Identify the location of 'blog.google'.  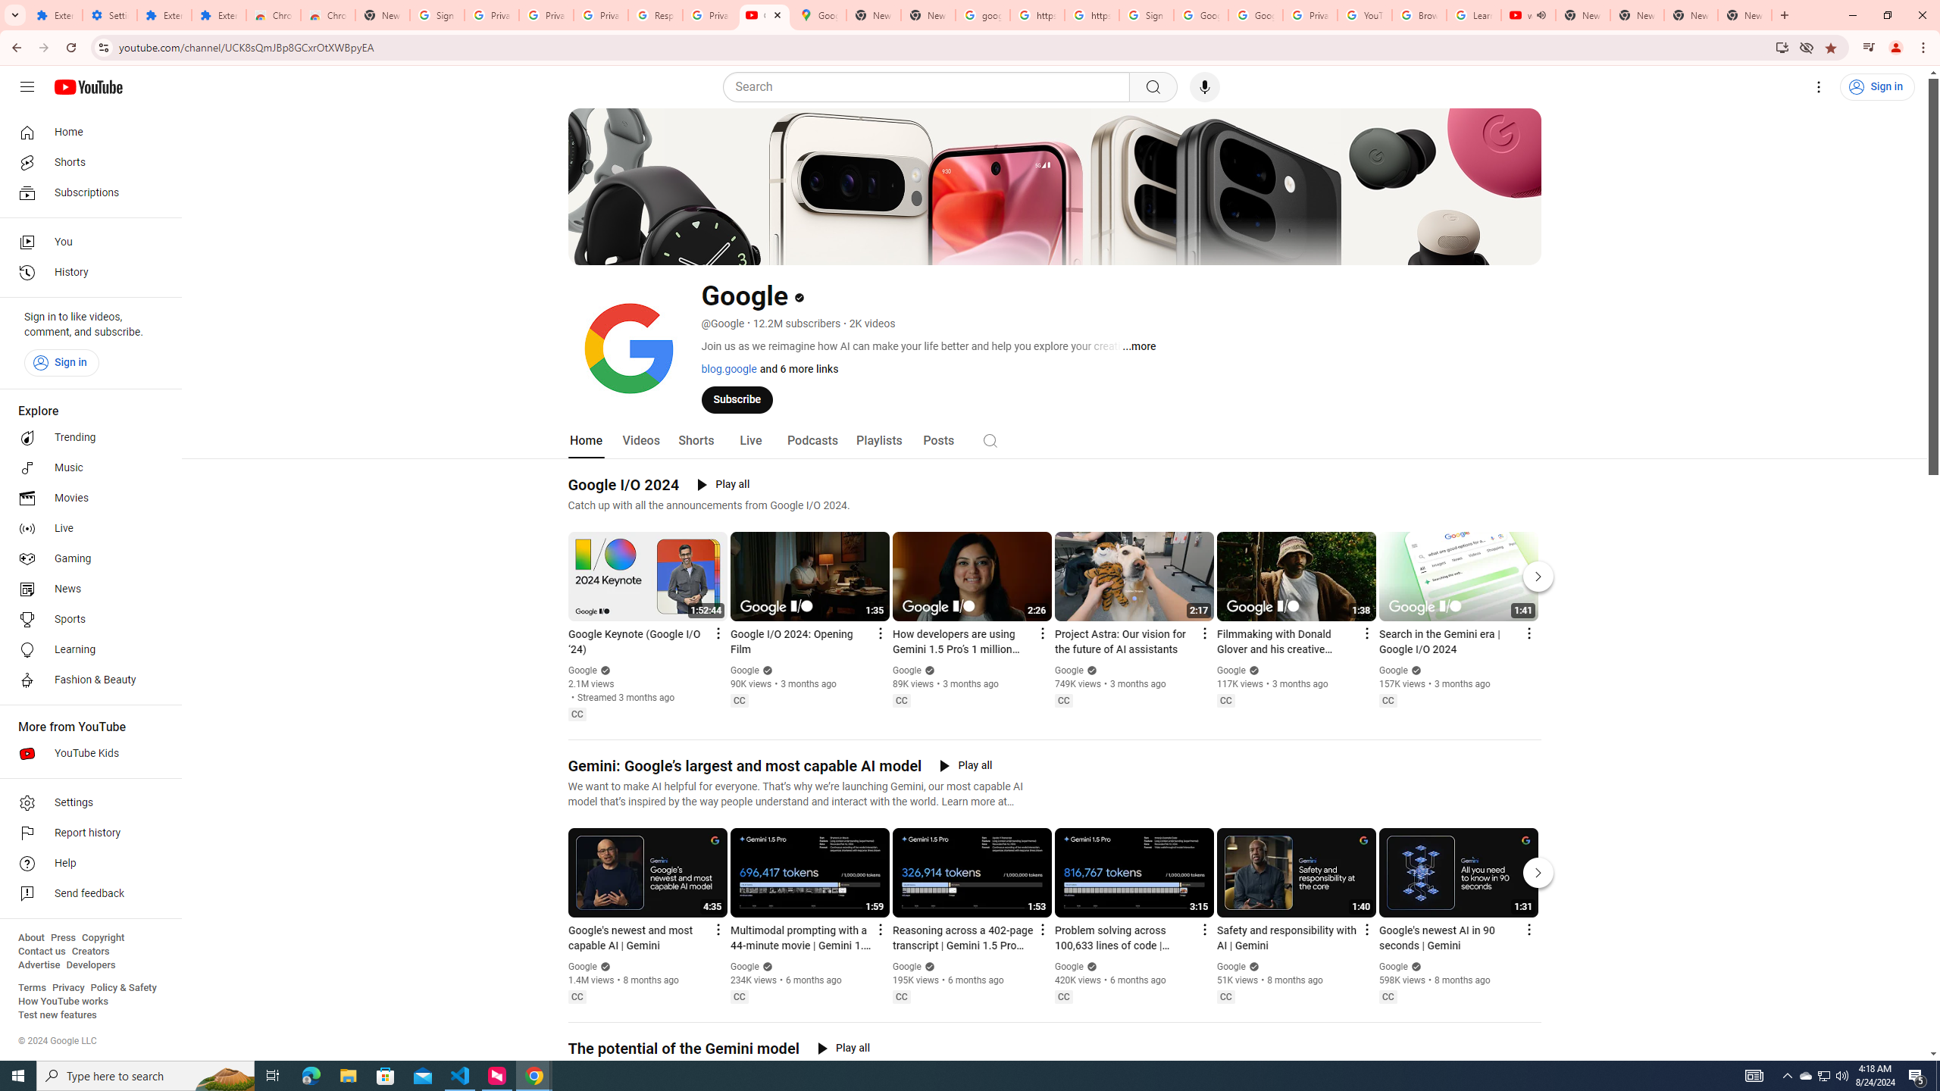
(728, 368).